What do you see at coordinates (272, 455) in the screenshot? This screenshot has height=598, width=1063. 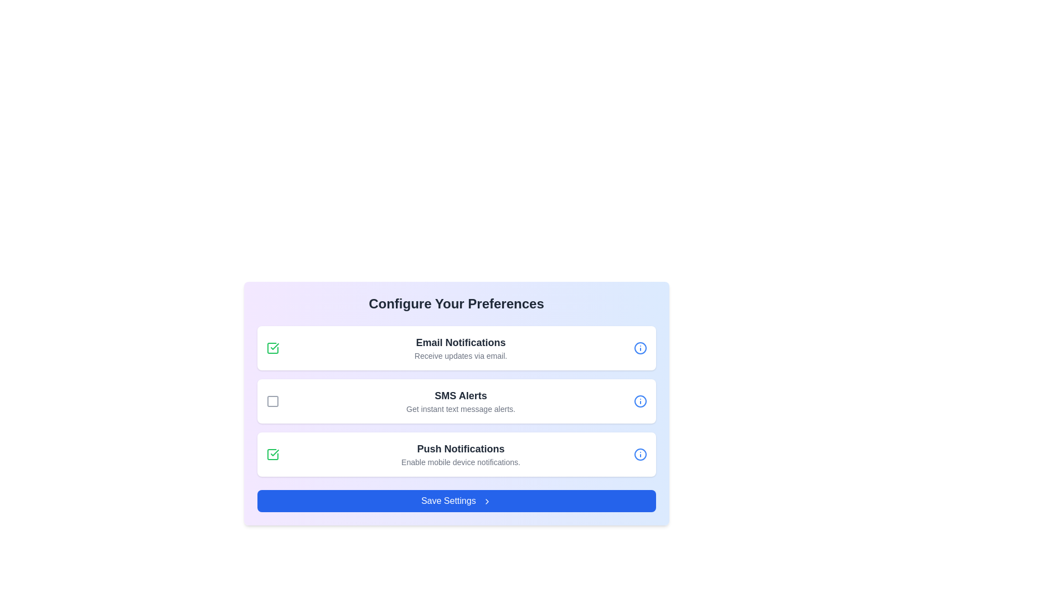 I see `the green-bordered checkbox with a green checkmark next to the 'Push Notifications' label` at bounding box center [272, 455].